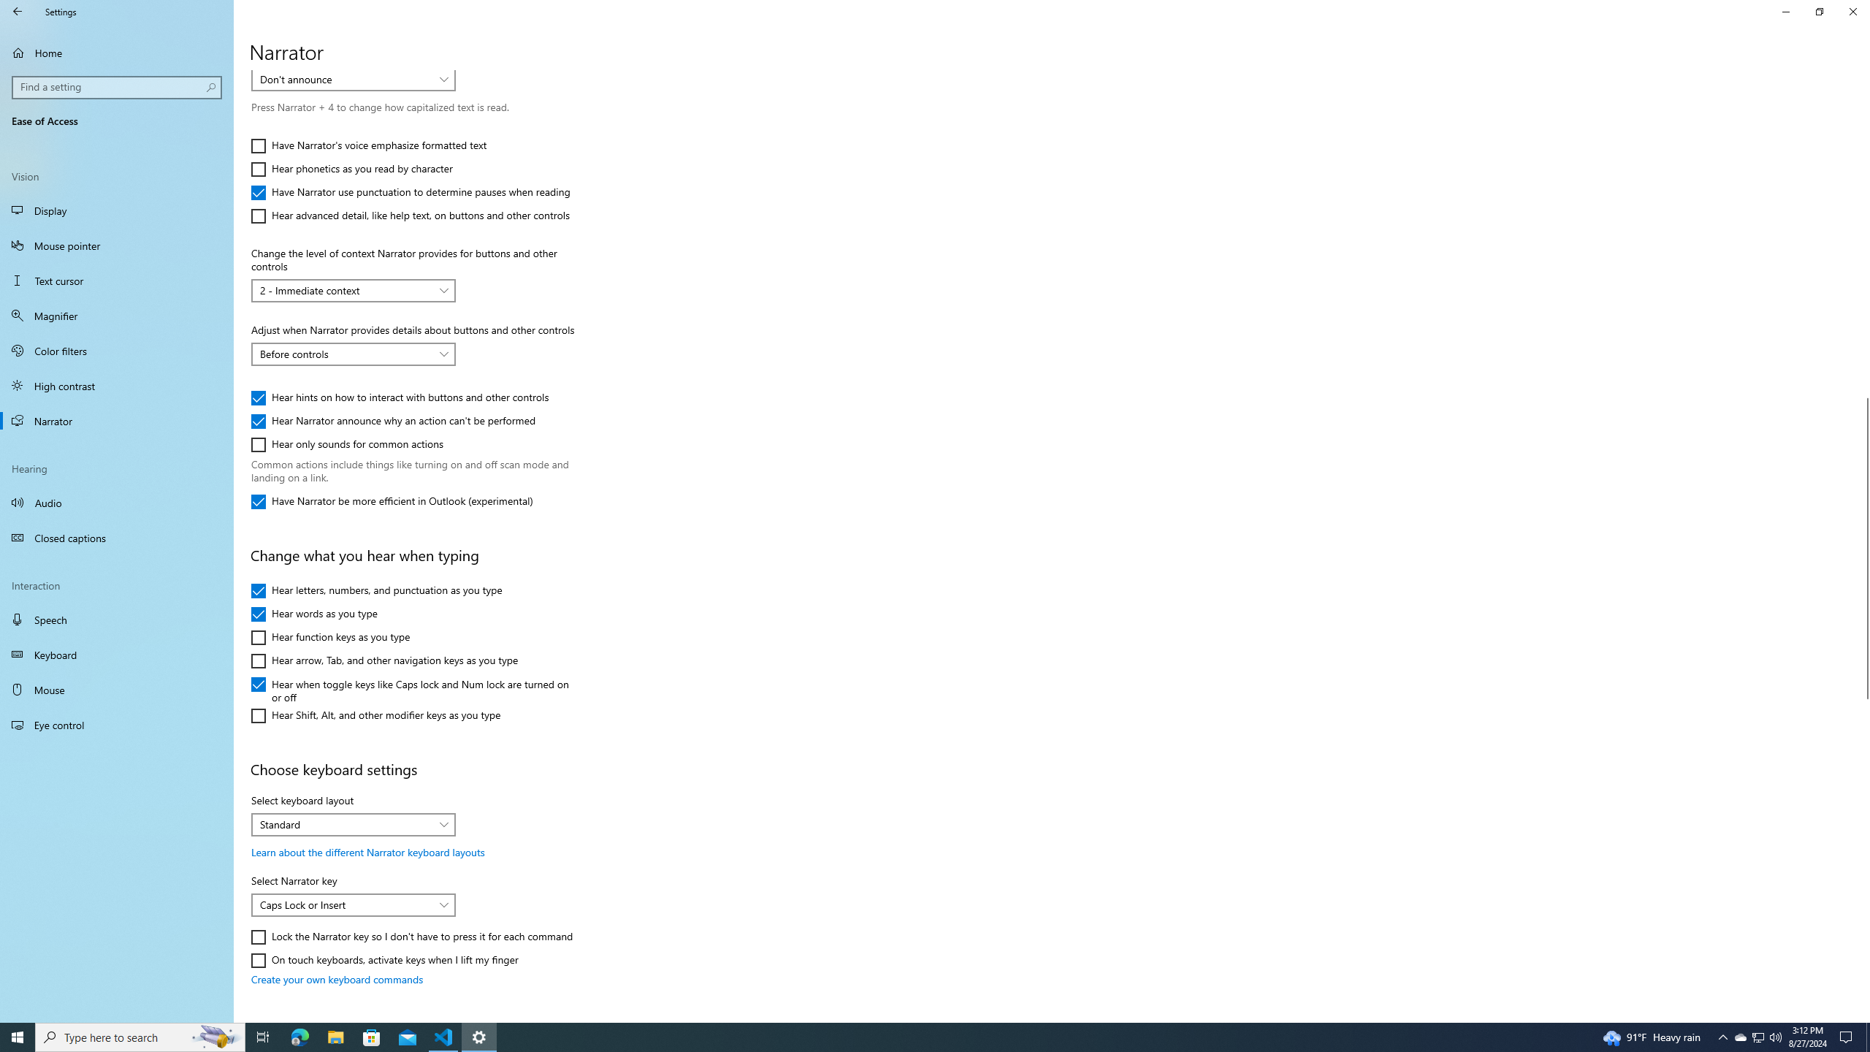 The height and width of the screenshot is (1052, 1870). Describe the element at coordinates (348, 444) in the screenshot. I see `'Hear only sounds for common actions'` at that location.